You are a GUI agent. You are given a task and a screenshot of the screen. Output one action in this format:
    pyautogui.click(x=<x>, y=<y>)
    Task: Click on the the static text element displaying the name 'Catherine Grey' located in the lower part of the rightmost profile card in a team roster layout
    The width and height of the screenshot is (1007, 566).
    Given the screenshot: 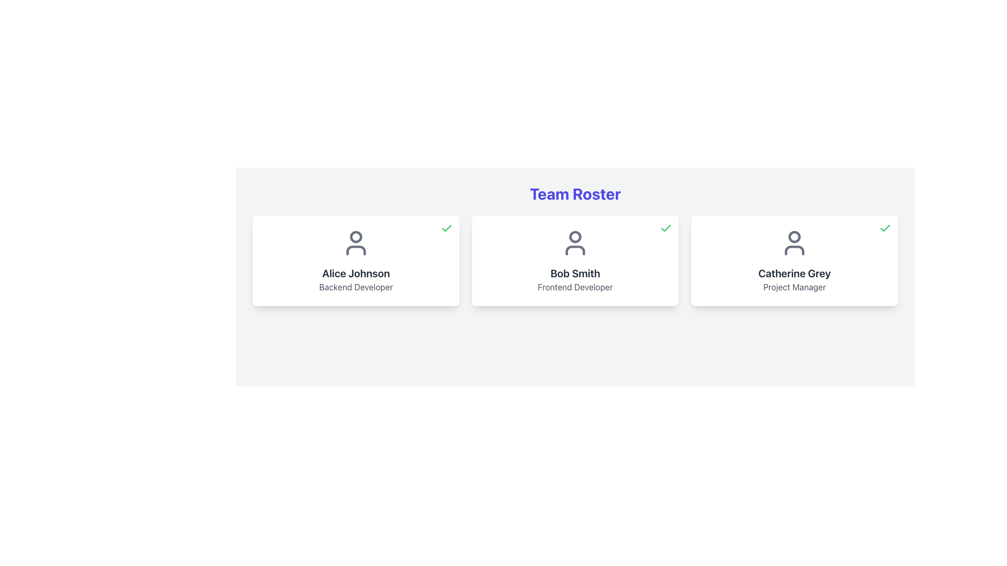 What is the action you would take?
    pyautogui.click(x=795, y=273)
    